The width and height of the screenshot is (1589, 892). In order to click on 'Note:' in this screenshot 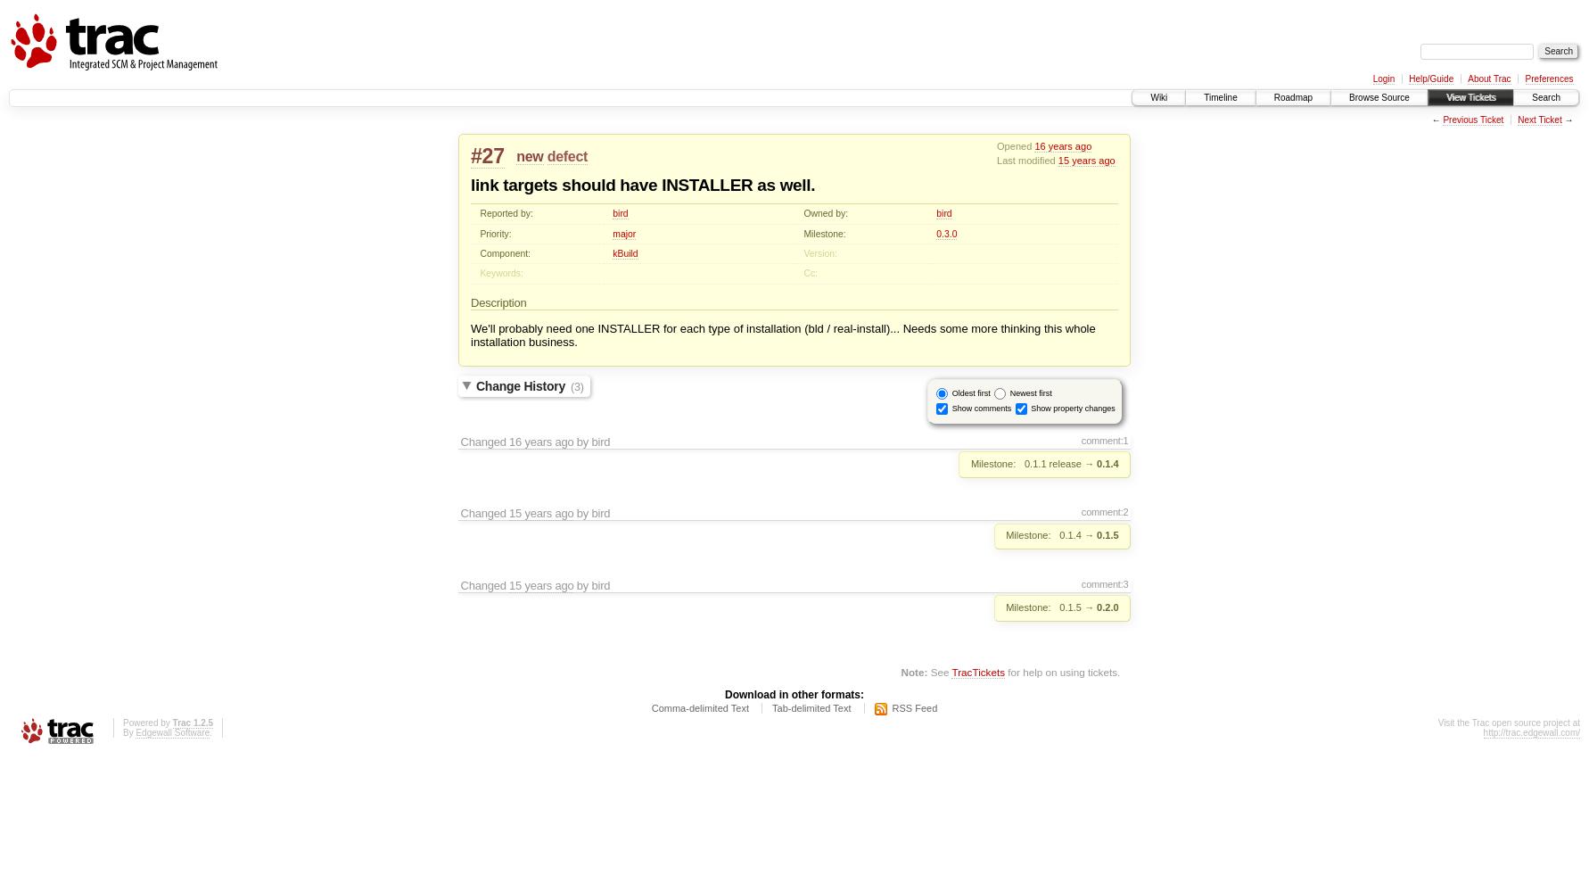, I will do `click(913, 672)`.